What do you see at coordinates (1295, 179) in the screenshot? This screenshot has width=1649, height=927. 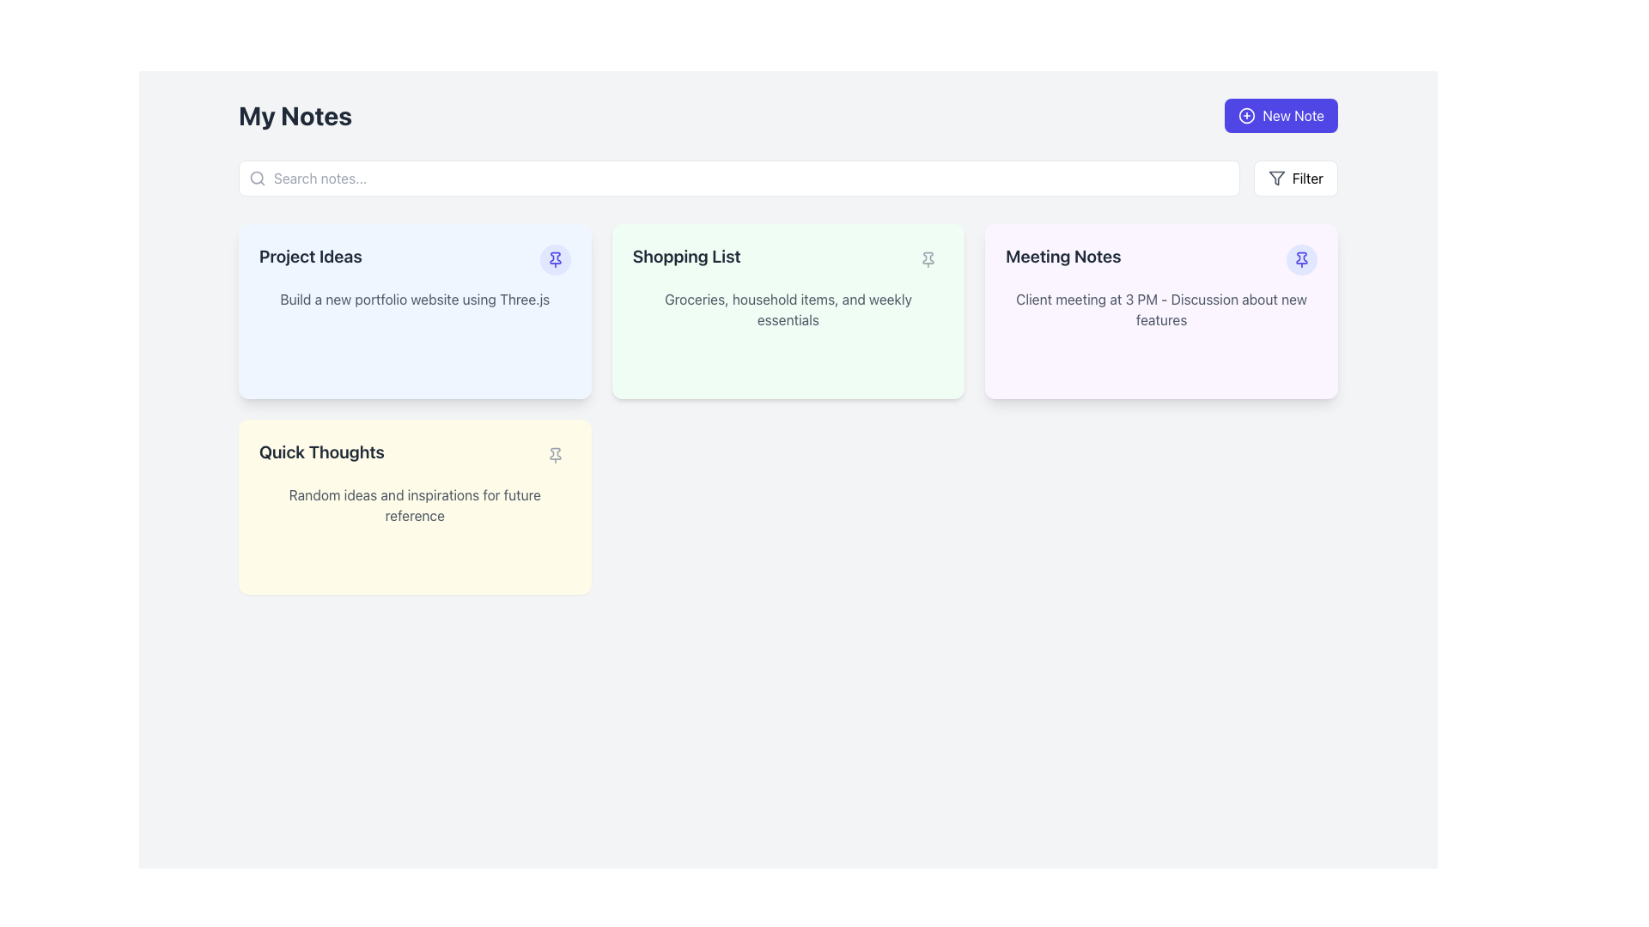 I see `the 'Filter' button, which is a rectangular button with a funnel icon and the text 'Filter', located at the top-right side of the interface adjacent to a search bar` at bounding box center [1295, 179].